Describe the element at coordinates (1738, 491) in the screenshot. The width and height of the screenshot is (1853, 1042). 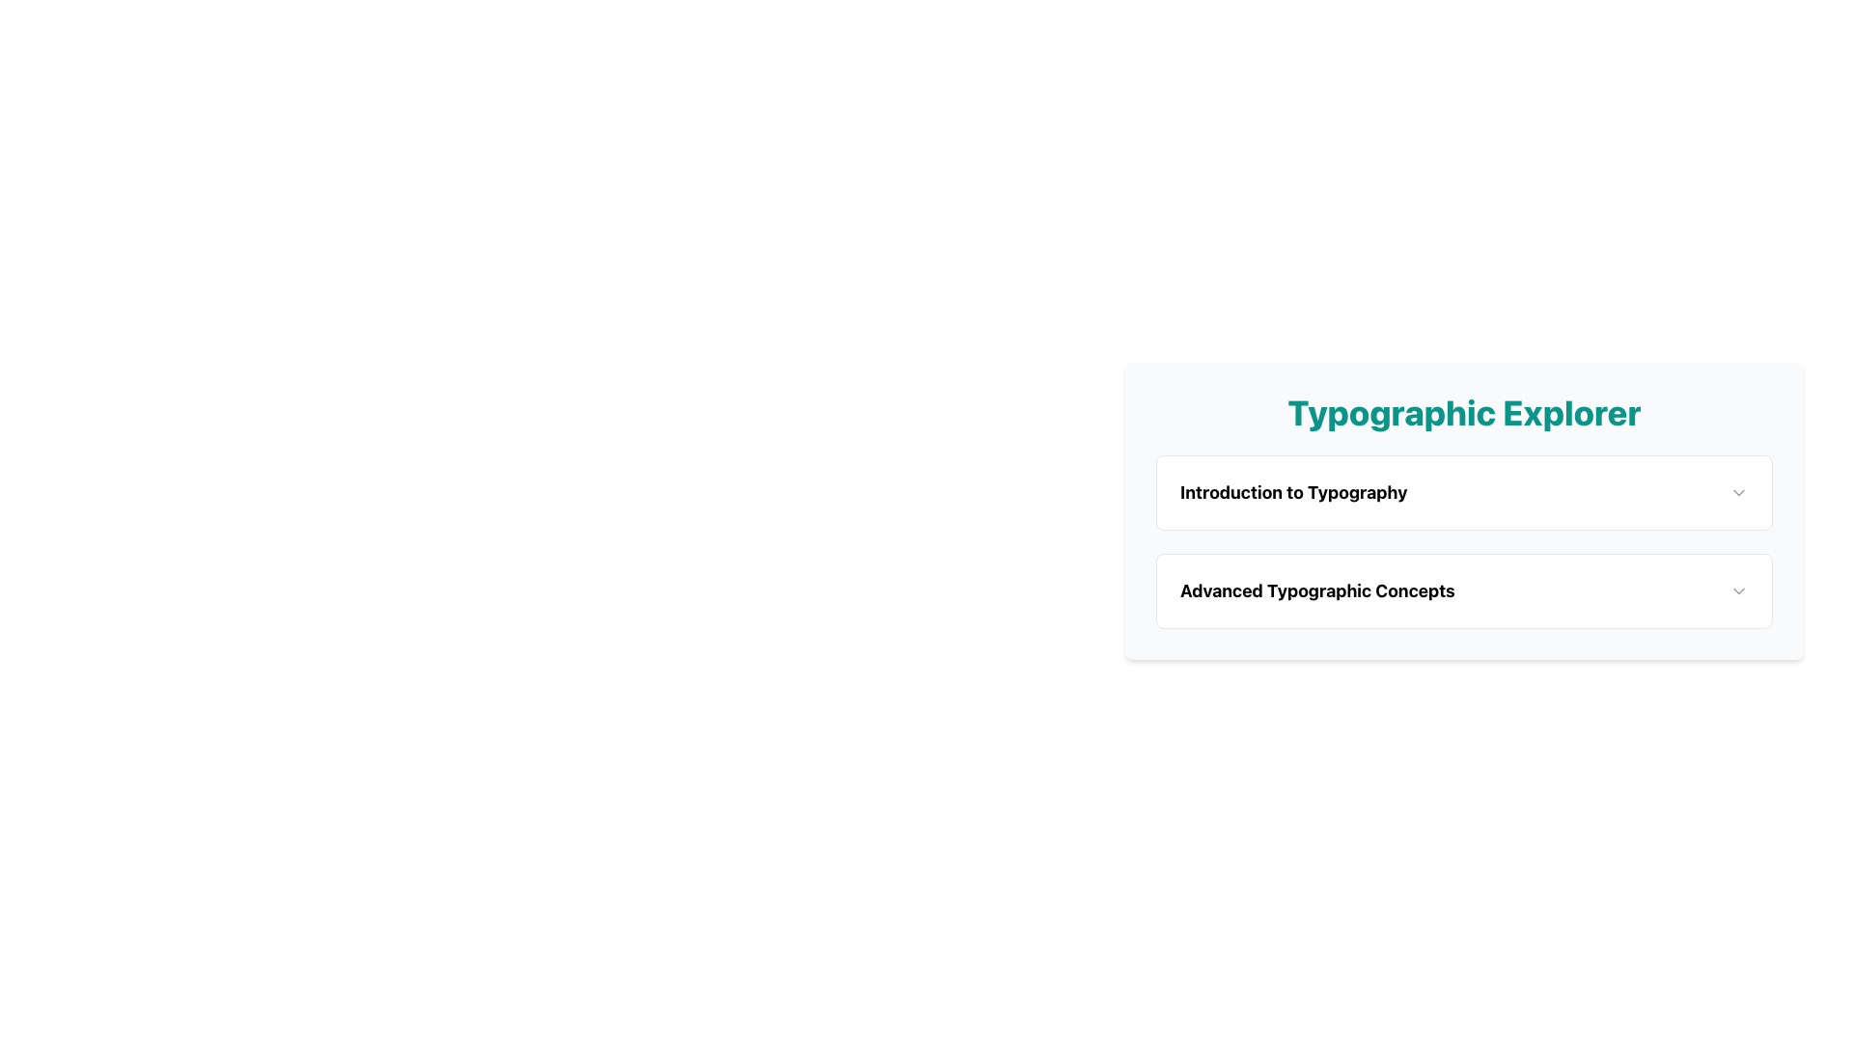
I see `the downward-pointing chevron icon next to the text 'Introduction to Typography' within the 'Typographic Explorer' section` at that location.